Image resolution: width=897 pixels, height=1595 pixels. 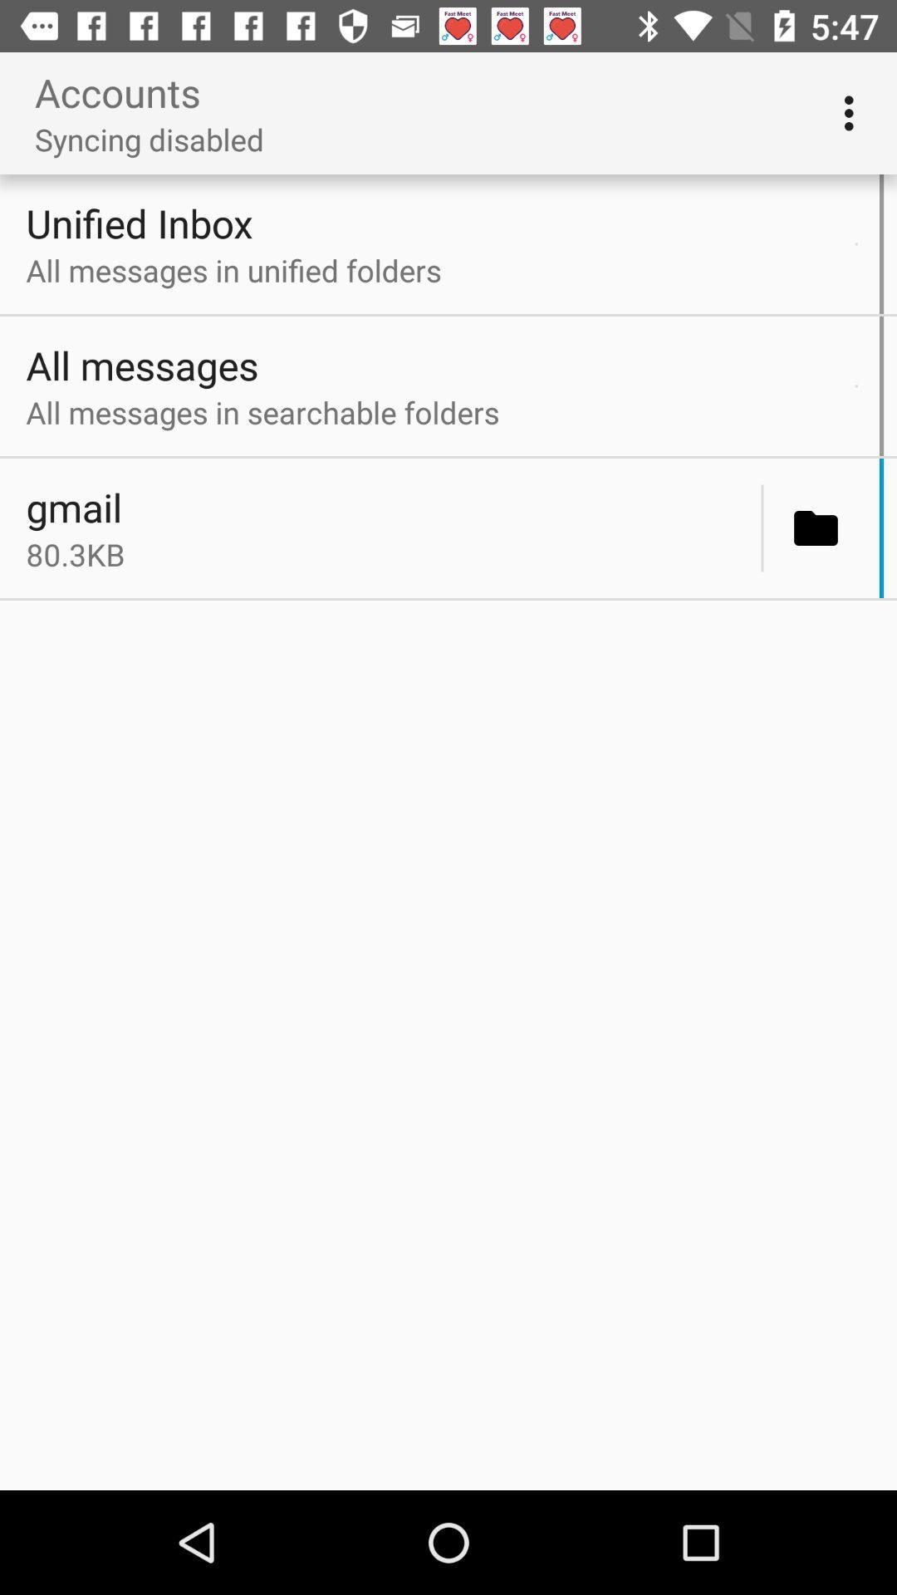 I want to click on icon above all messages in, so click(x=435, y=222).